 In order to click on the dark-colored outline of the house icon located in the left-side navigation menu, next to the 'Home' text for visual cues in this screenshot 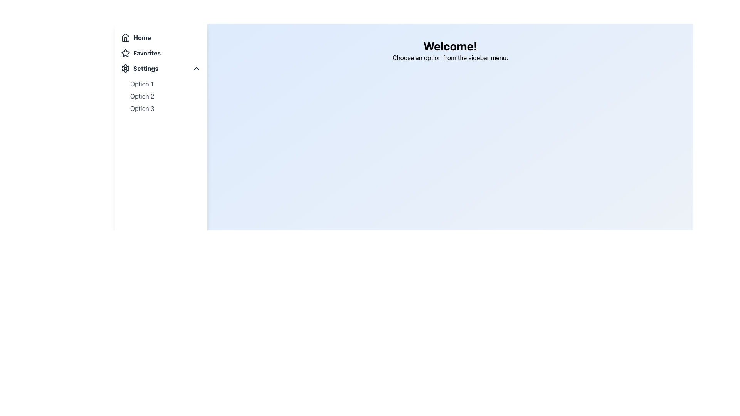, I will do `click(126, 37)`.